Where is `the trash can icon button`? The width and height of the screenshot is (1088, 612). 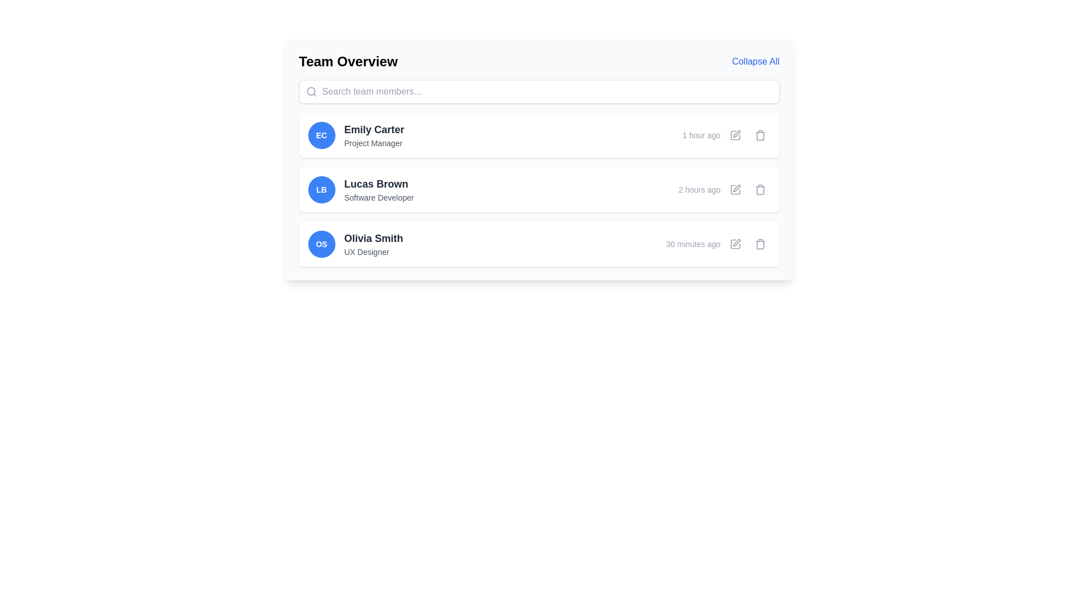
the trash can icon button is located at coordinates (760, 135).